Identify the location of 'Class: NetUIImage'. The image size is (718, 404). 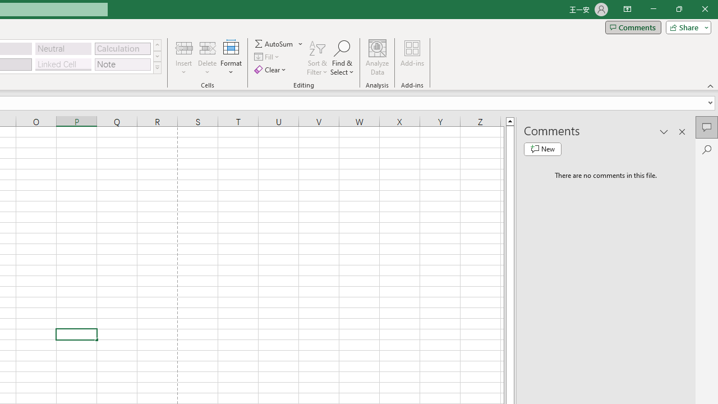
(157, 67).